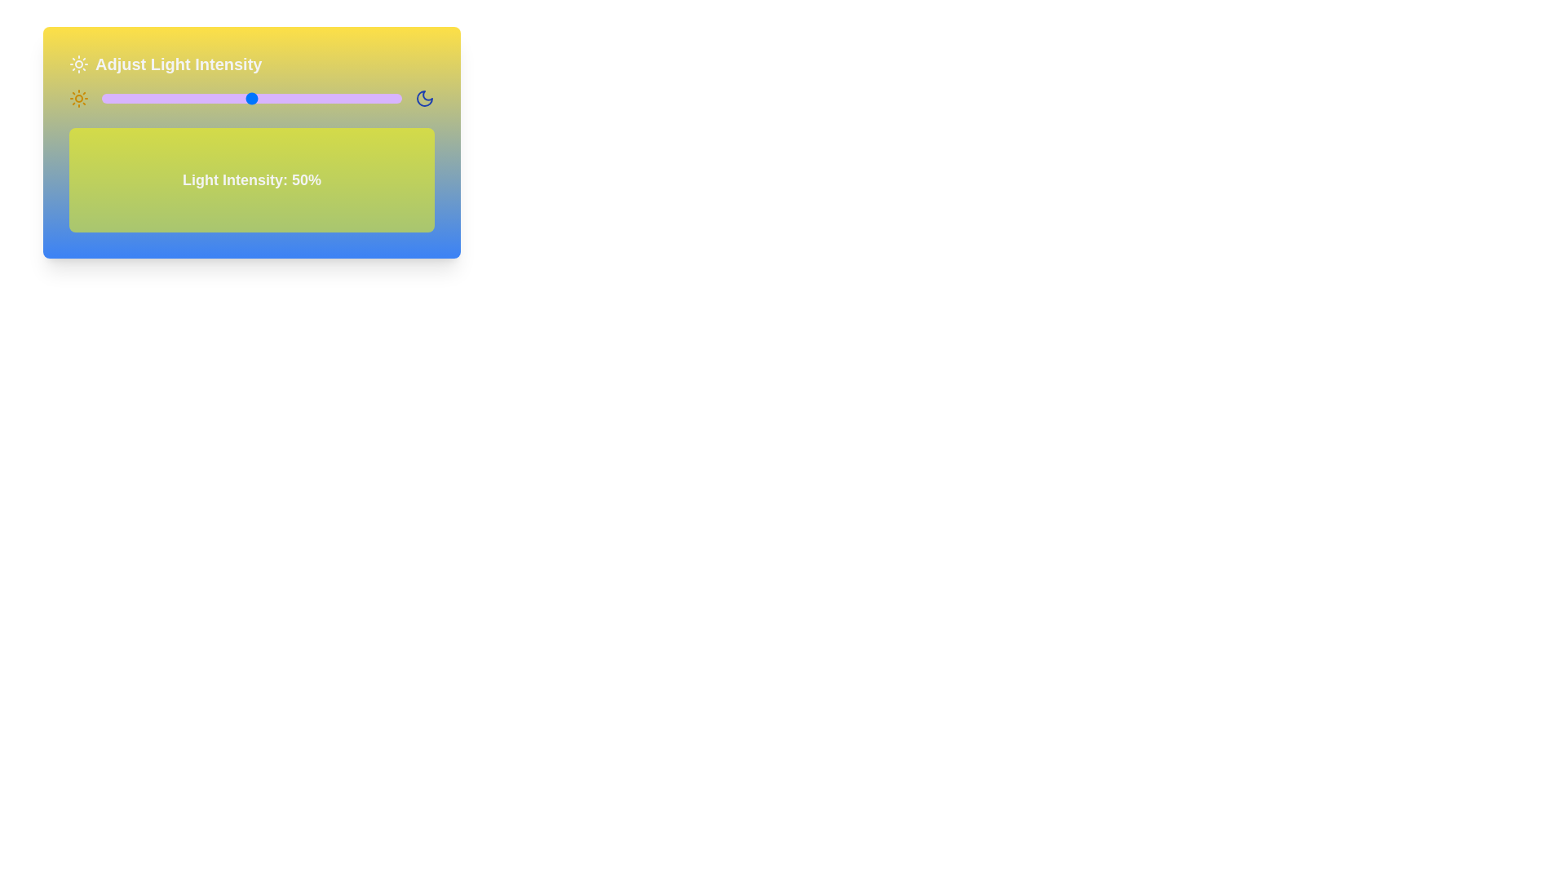 This screenshot has height=881, width=1566. Describe the element at coordinates (250, 98) in the screenshot. I see `the light intensity slider to 50% to observe the corresponding background changes` at that location.